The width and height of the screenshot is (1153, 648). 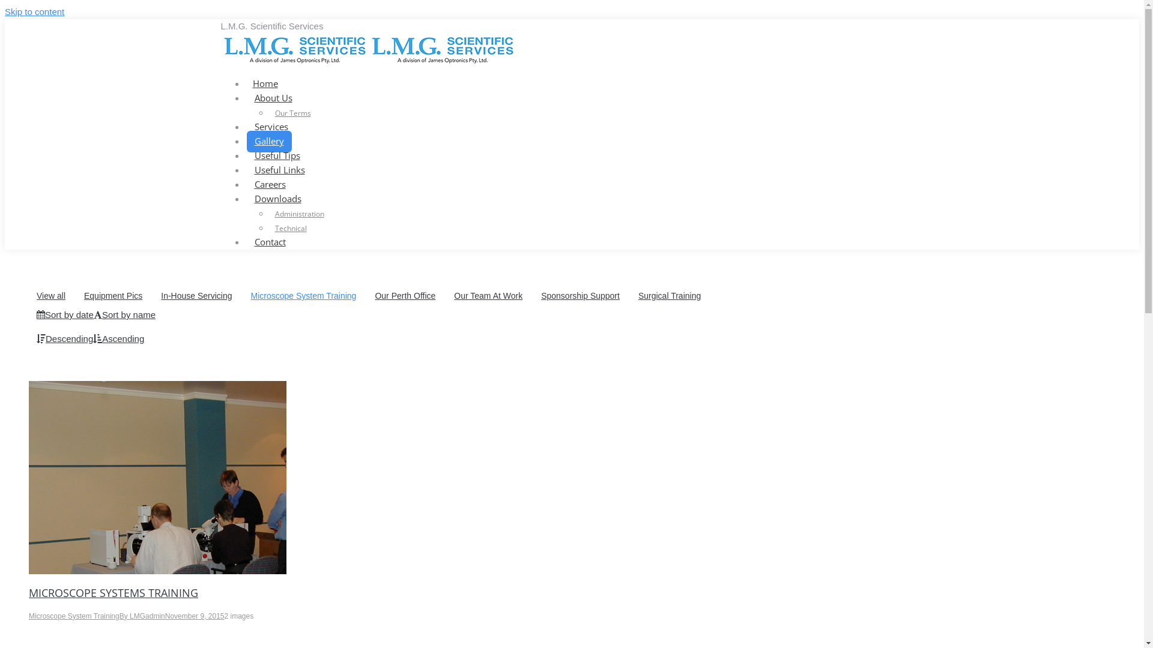 I want to click on 'Our Perth Office', so click(x=366, y=296).